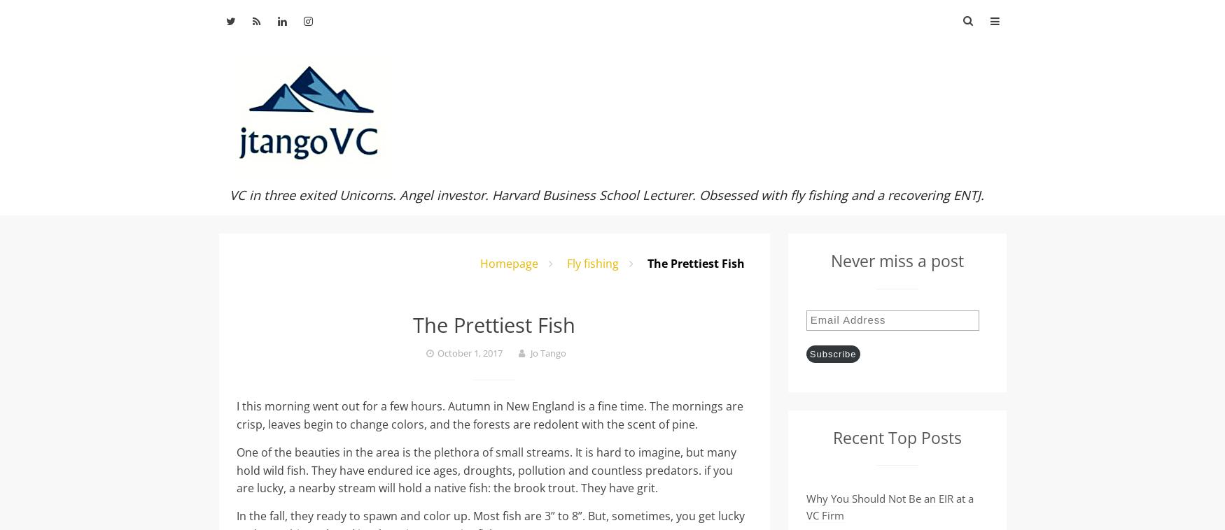 Image resolution: width=1225 pixels, height=530 pixels. What do you see at coordinates (547, 352) in the screenshot?
I see `'Jo Tango'` at bounding box center [547, 352].